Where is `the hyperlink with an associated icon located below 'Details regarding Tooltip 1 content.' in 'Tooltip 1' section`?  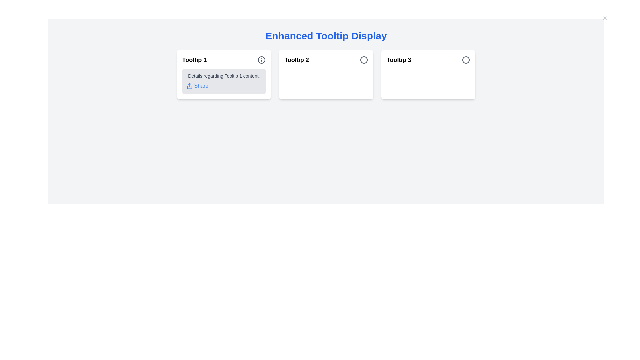
the hyperlink with an associated icon located below 'Details regarding Tooltip 1 content.' in 'Tooltip 1' section is located at coordinates (197, 86).